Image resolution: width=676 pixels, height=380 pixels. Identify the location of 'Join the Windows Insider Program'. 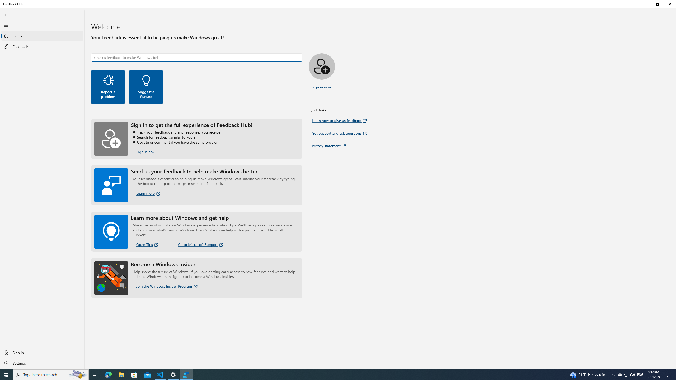
(167, 286).